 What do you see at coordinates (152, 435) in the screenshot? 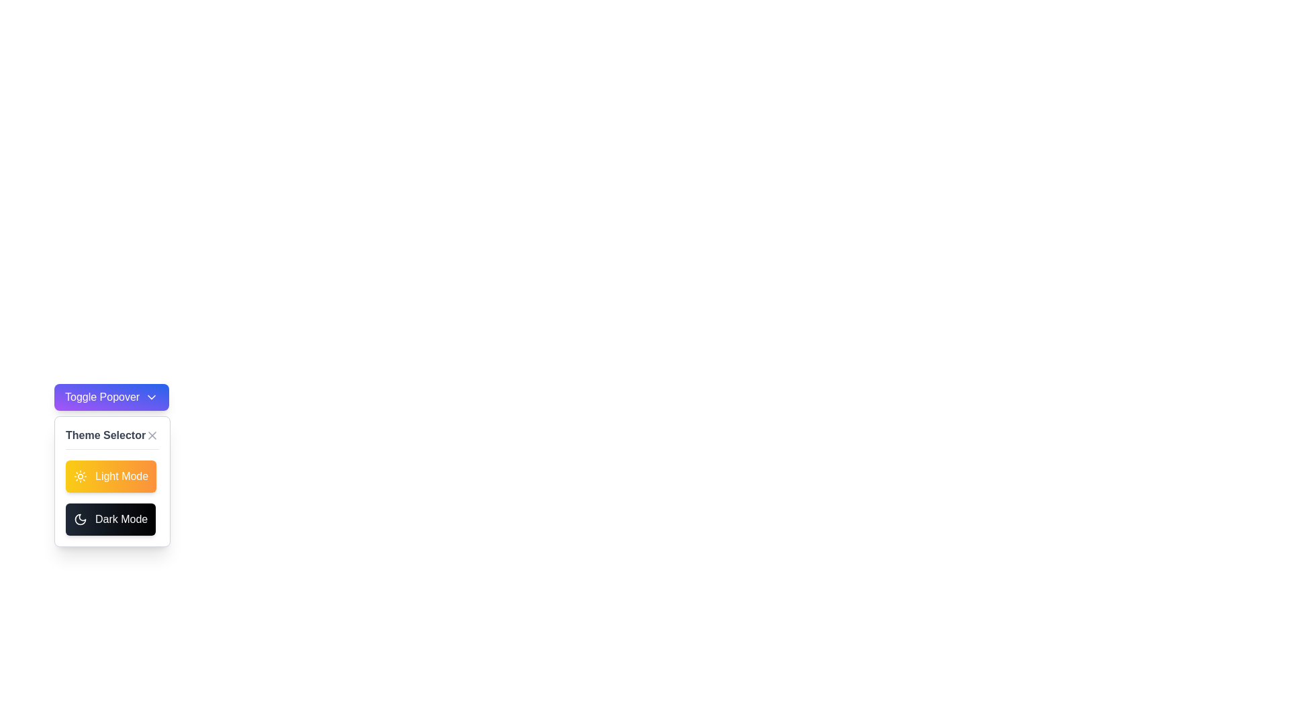
I see `the close button located at the top-right corner of the 'Theme Selector' section, adjacent` at bounding box center [152, 435].